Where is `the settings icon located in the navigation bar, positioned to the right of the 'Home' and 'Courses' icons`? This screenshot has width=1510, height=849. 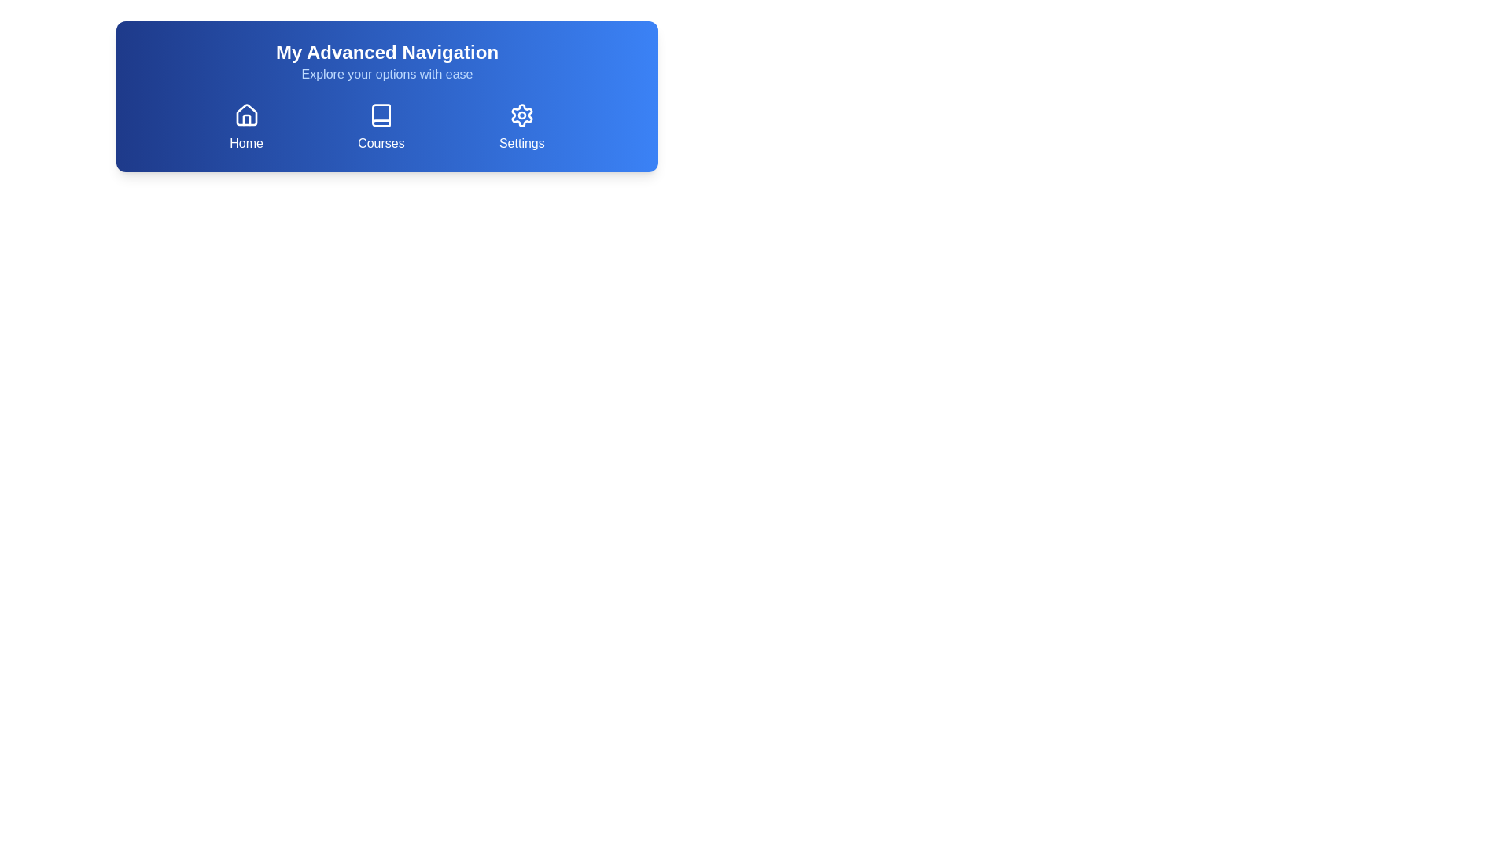
the settings icon located in the navigation bar, positioned to the right of the 'Home' and 'Courses' icons is located at coordinates (521, 114).